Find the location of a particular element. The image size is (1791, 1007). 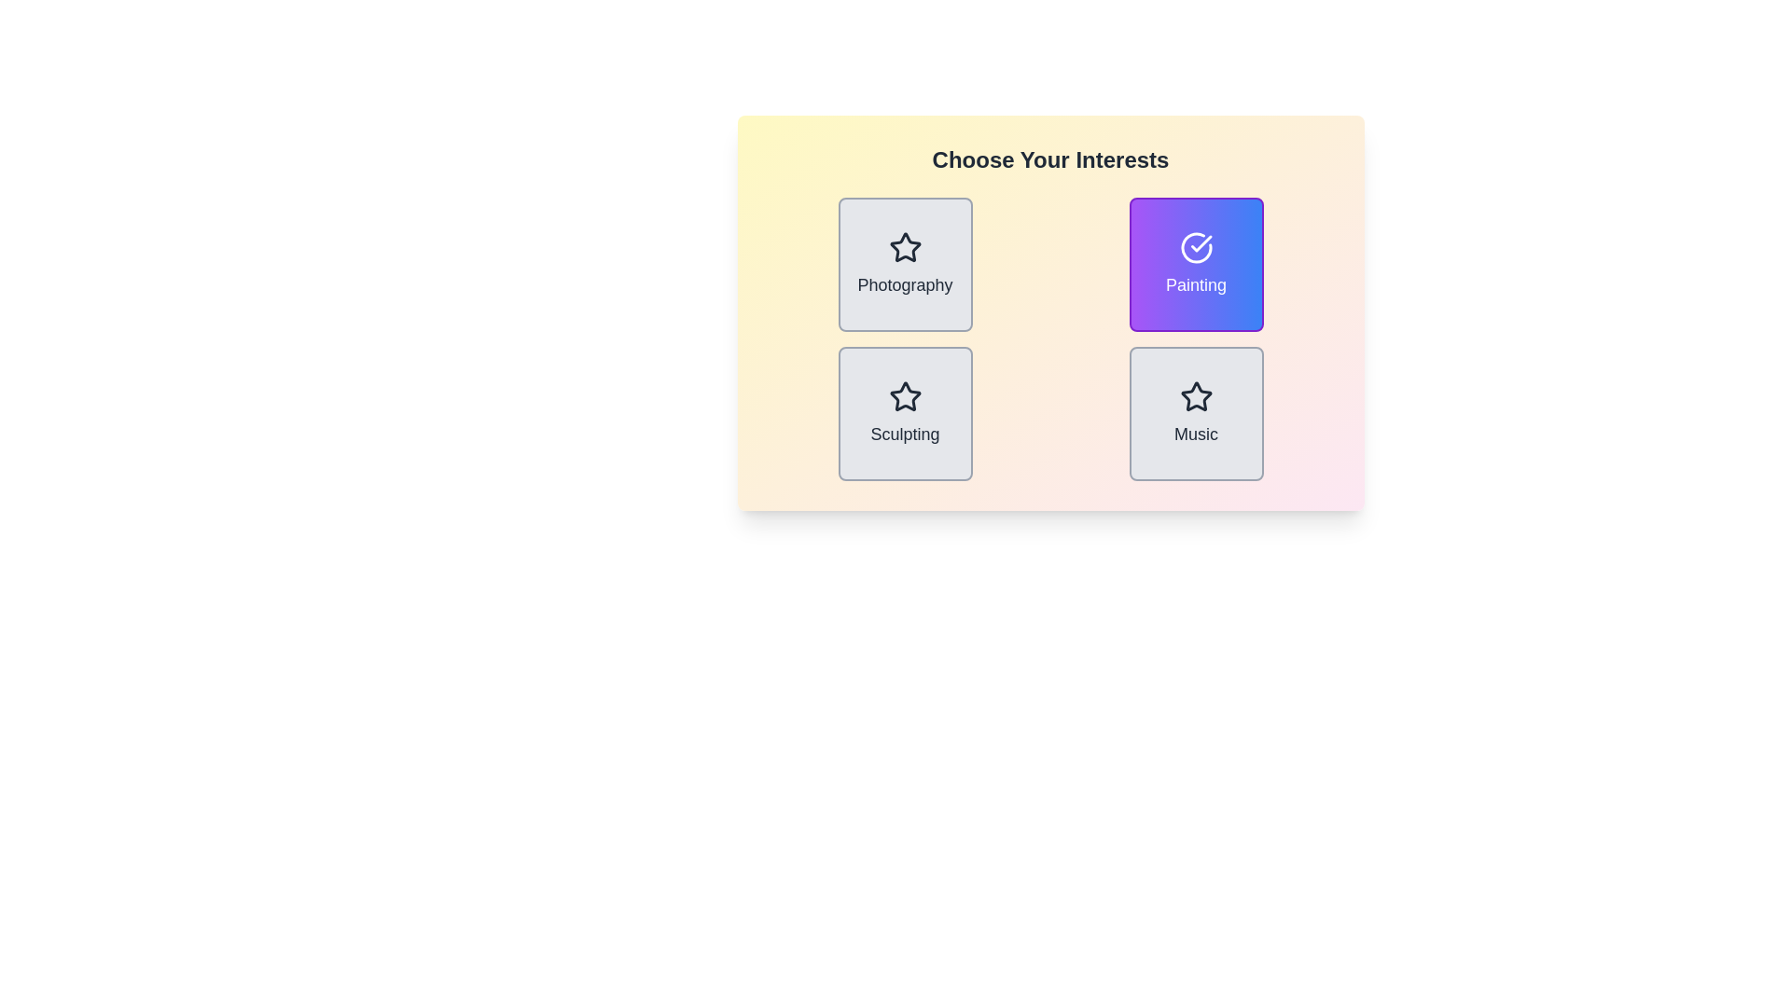

the item Music to observe its visual feedback is located at coordinates (1196, 412).